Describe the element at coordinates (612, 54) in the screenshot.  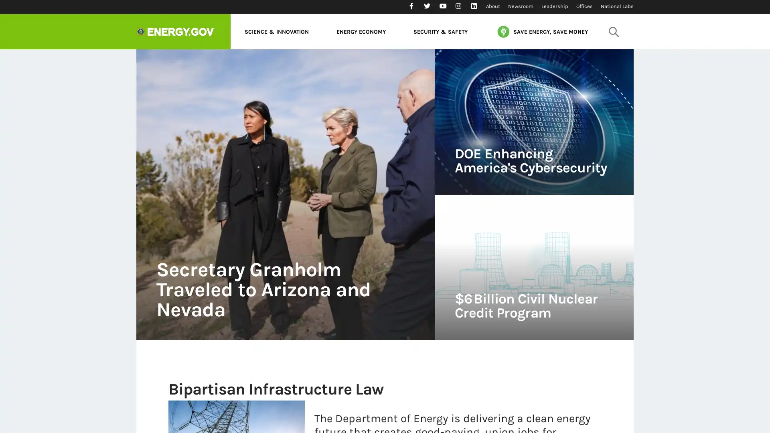
I see `SEARCH` at that location.